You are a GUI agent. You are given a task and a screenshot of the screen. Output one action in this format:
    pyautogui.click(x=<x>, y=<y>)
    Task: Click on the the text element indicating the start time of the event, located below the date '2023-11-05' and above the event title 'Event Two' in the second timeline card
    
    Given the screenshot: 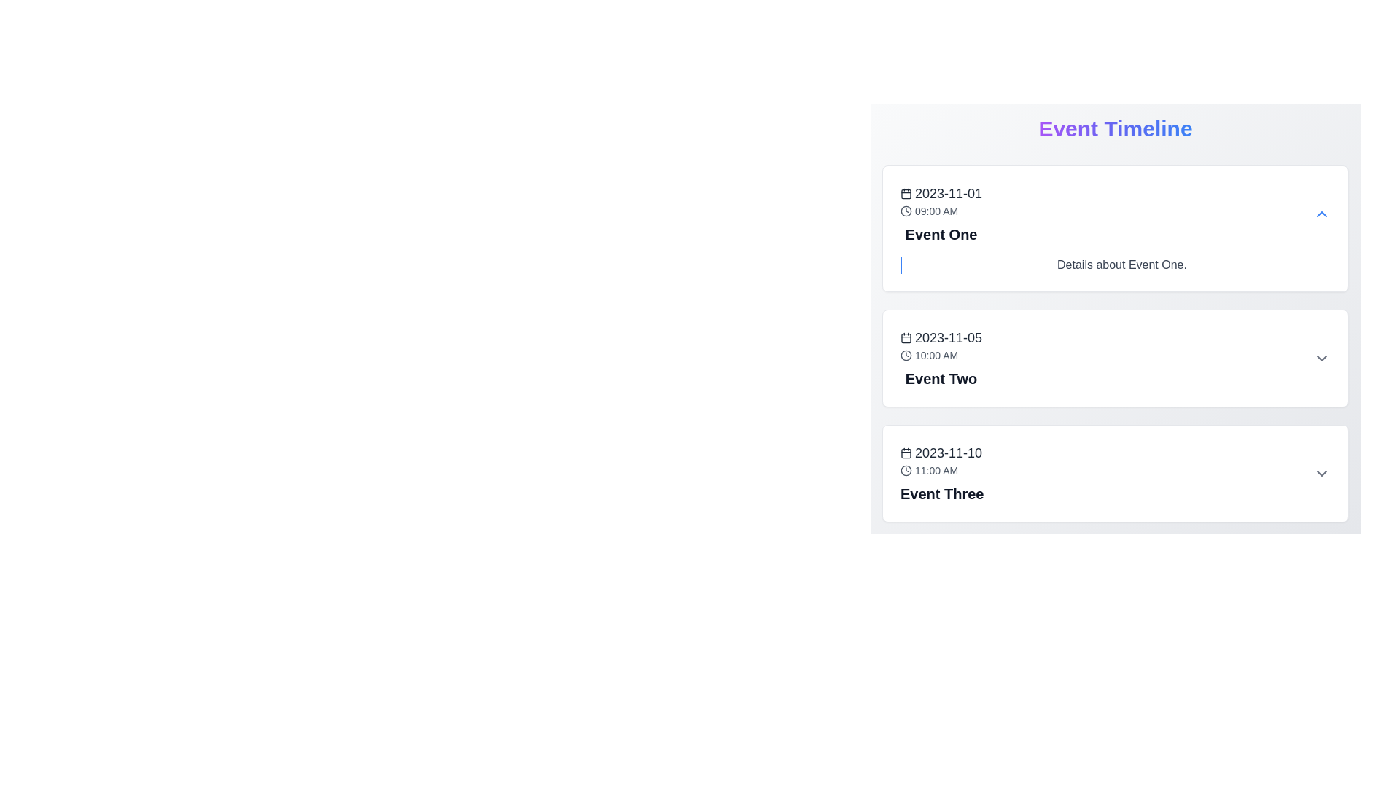 What is the action you would take?
    pyautogui.click(x=941, y=356)
    